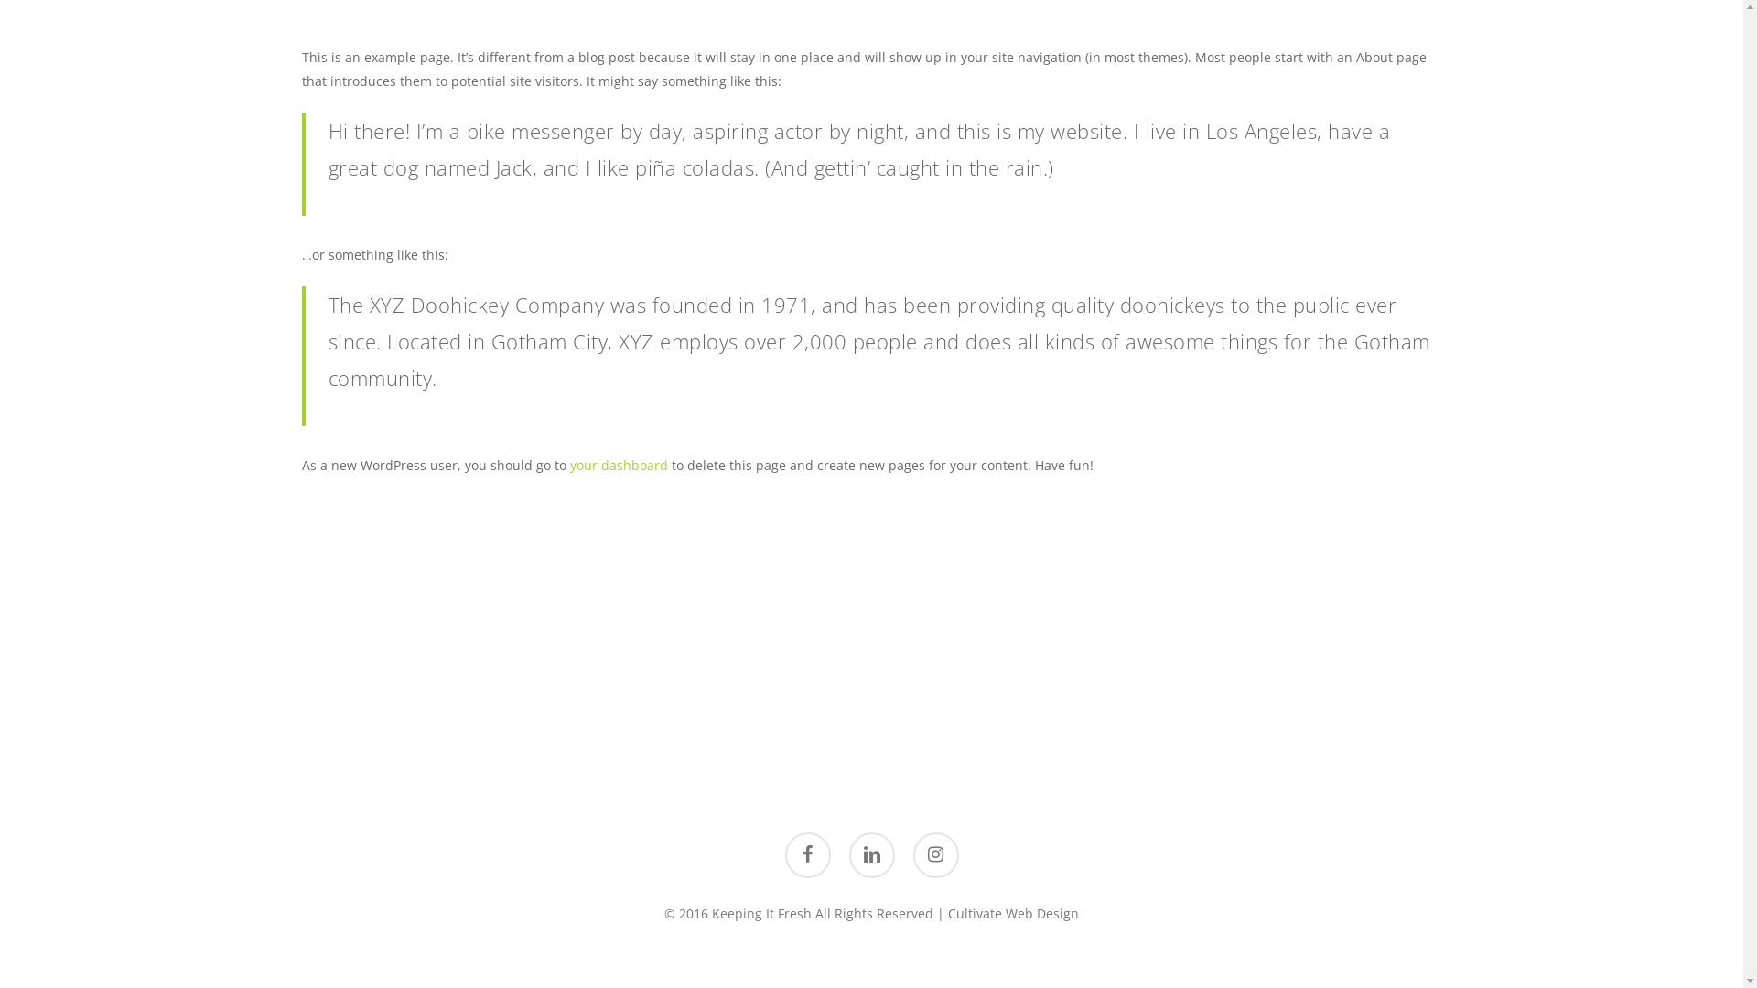 The width and height of the screenshot is (1757, 988). What do you see at coordinates (1012, 913) in the screenshot?
I see `'Cultivate Web Design'` at bounding box center [1012, 913].